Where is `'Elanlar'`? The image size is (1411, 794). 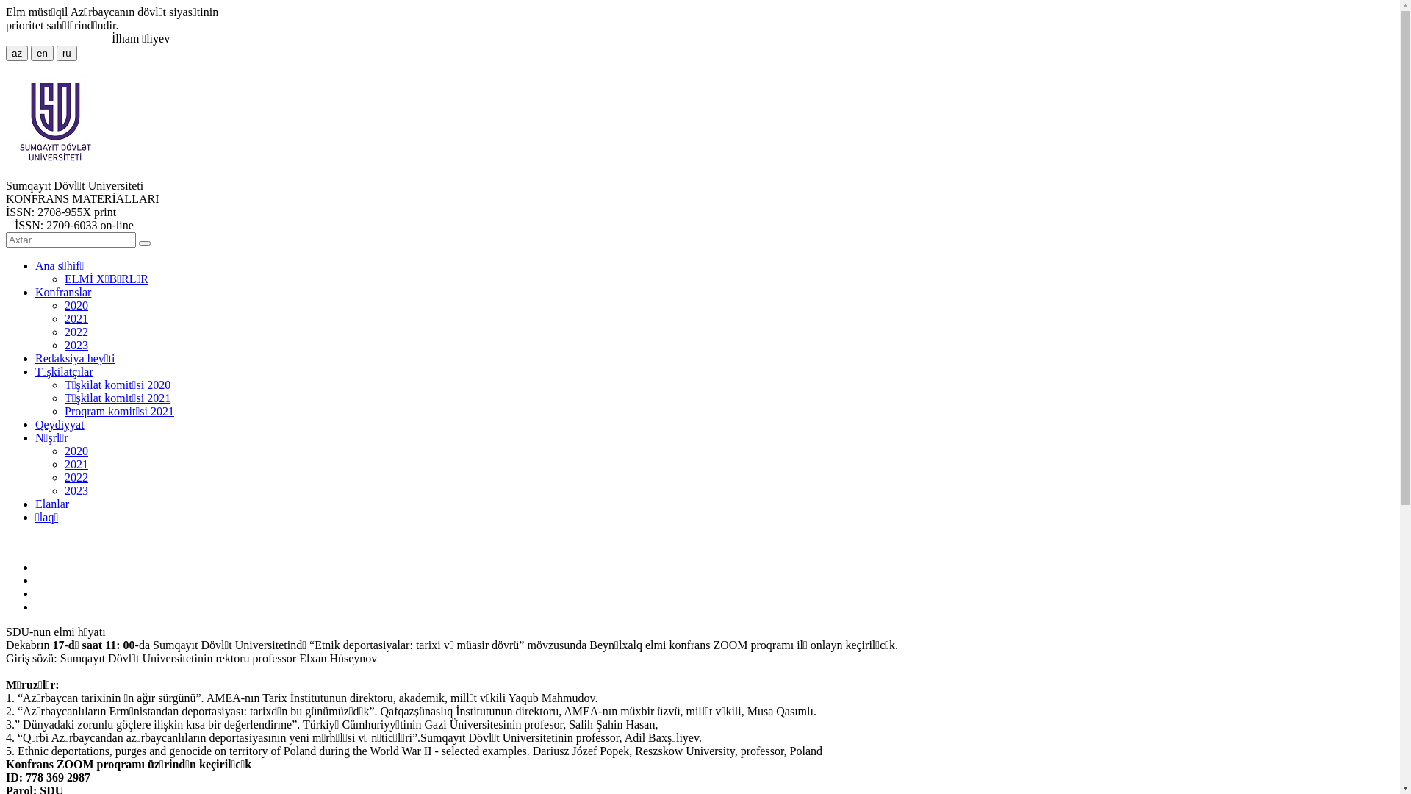 'Elanlar' is located at coordinates (35, 503).